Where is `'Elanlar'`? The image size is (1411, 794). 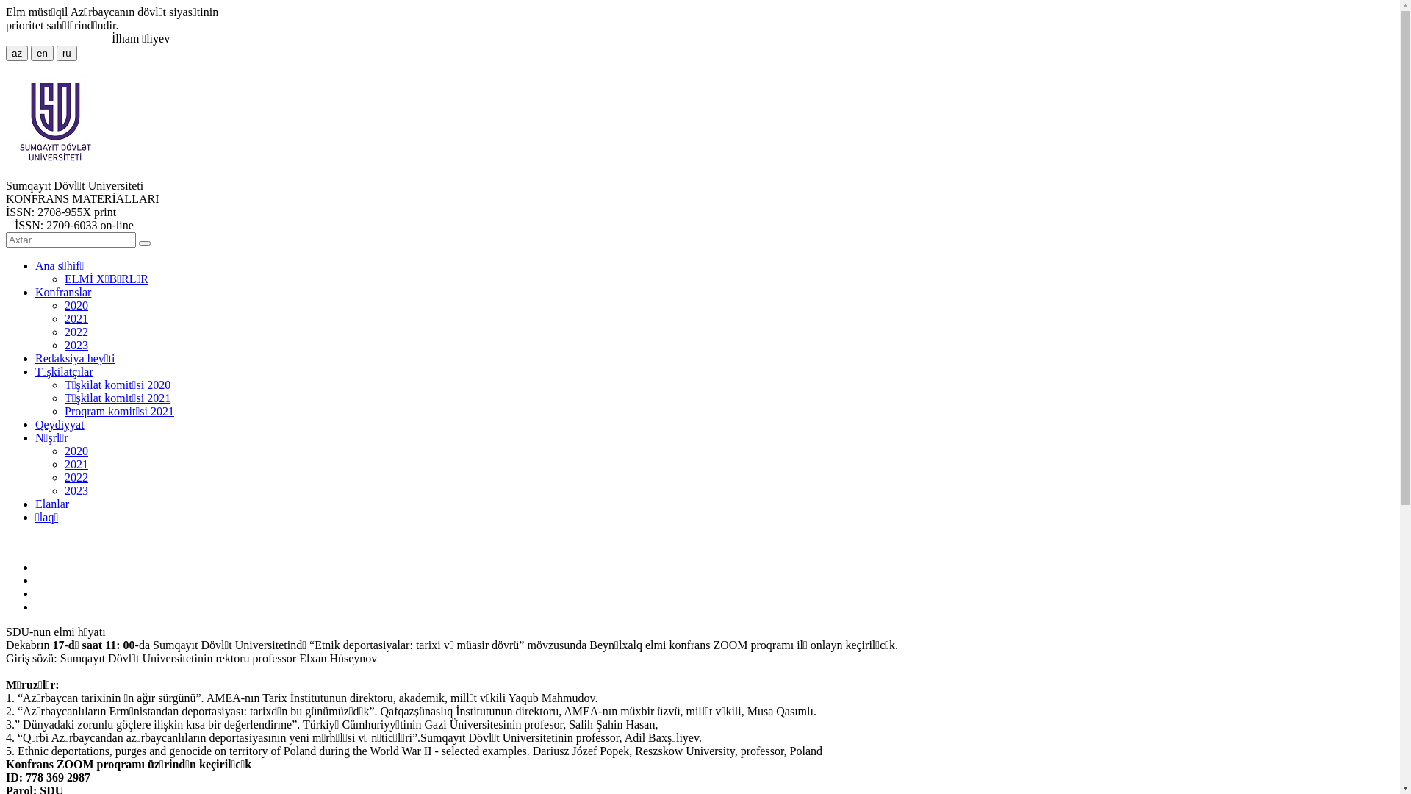 'Elanlar' is located at coordinates (35, 503).